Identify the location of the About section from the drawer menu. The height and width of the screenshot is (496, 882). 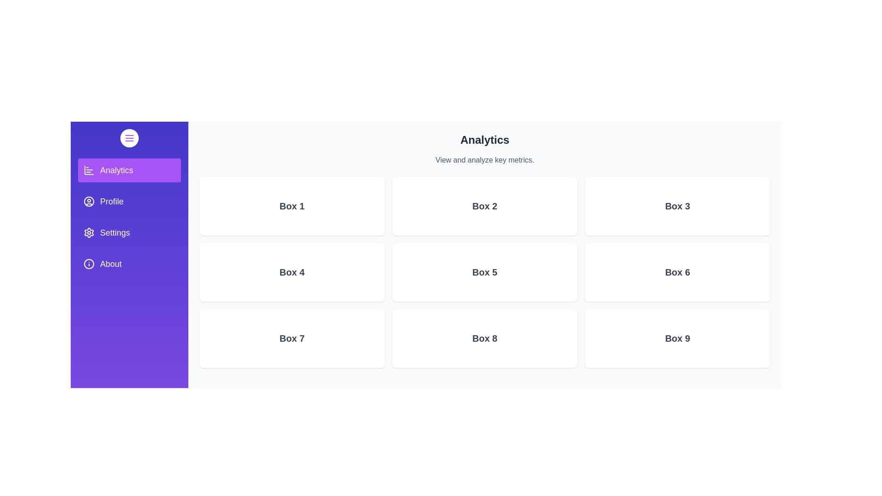
(129, 264).